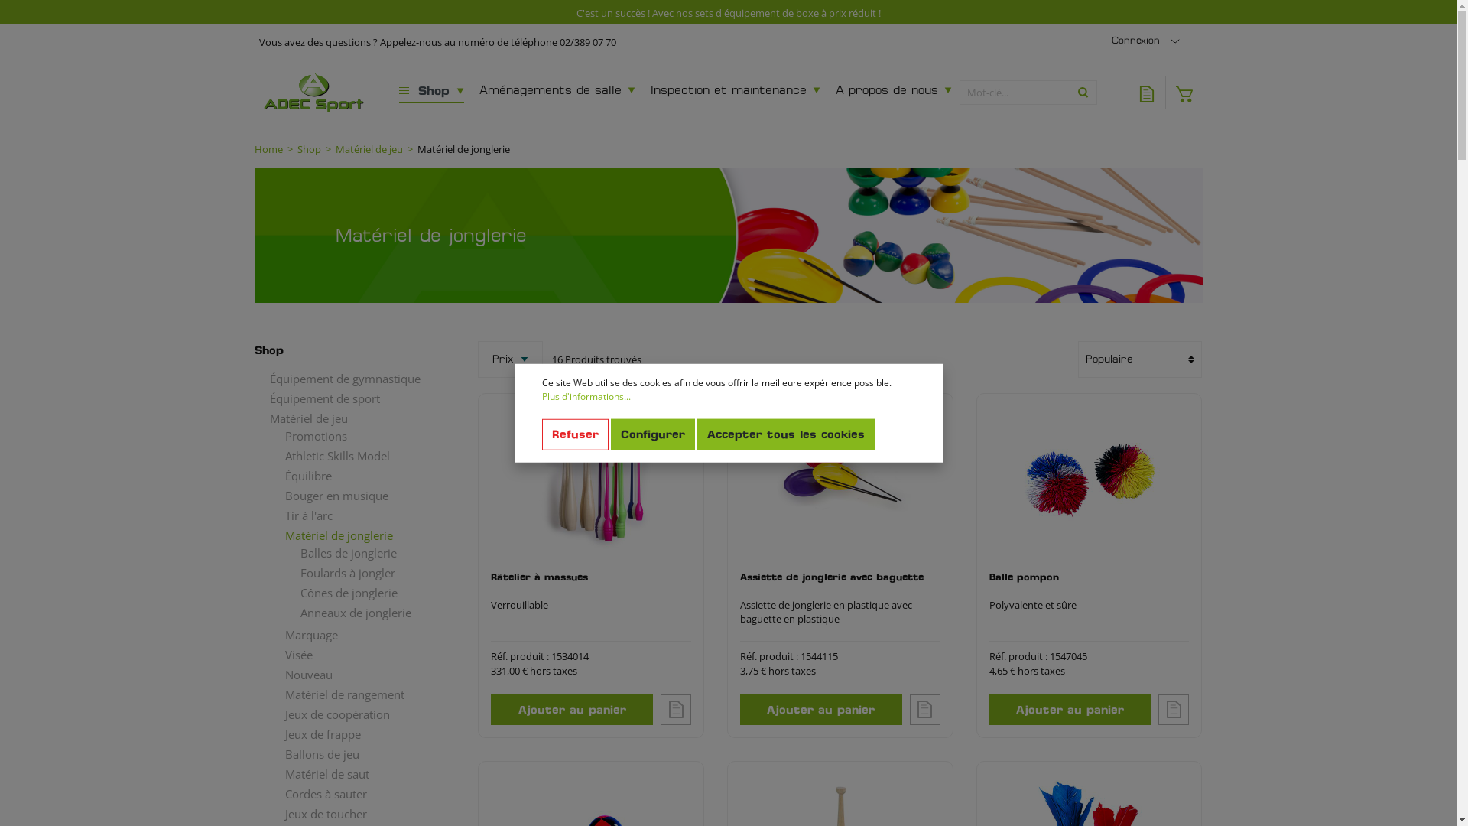 This screenshot has height=826, width=1468. I want to click on 'Shop', so click(391, 92).